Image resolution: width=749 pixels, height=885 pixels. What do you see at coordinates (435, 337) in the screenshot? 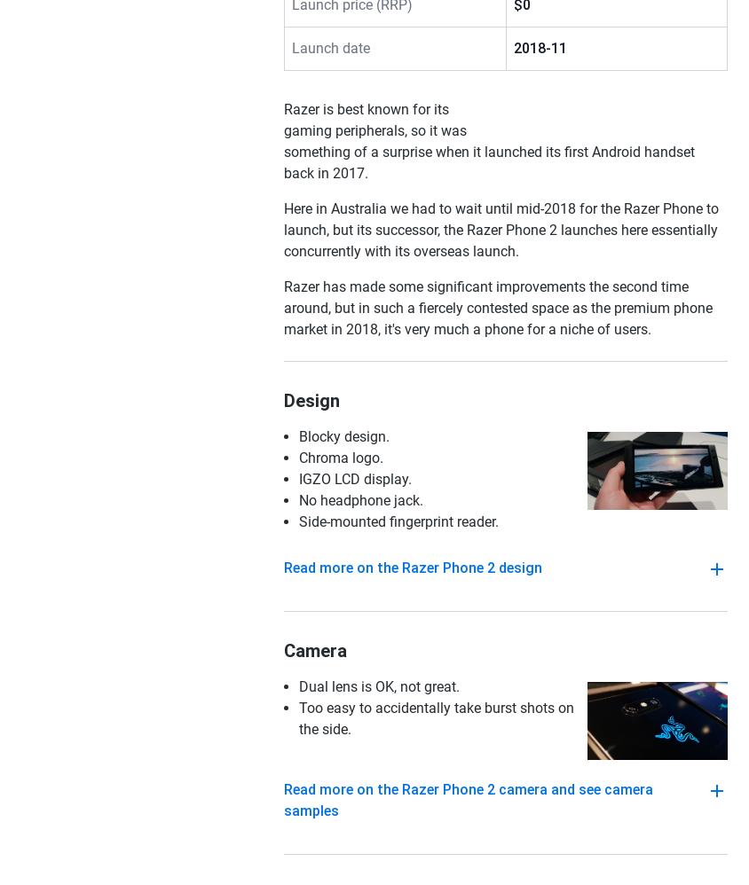
I see `'Sydney'` at bounding box center [435, 337].